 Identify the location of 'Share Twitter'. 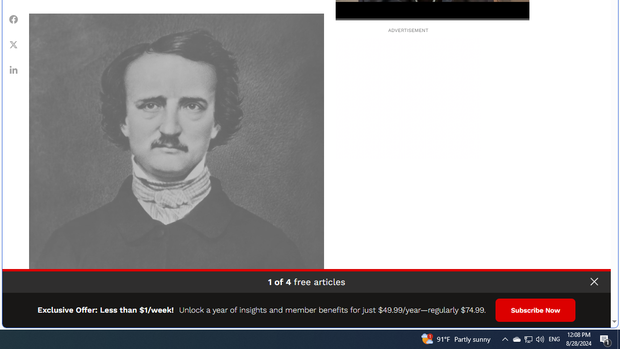
(14, 44).